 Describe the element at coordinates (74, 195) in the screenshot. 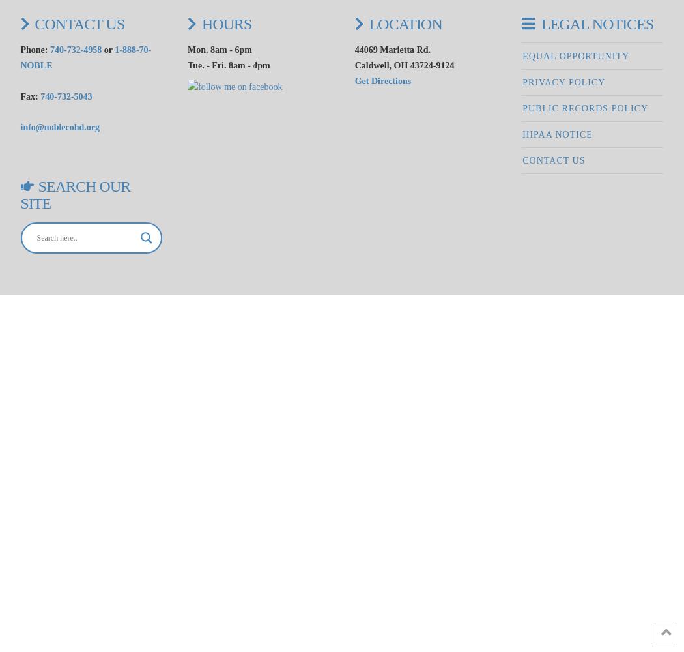

I see `'Search Our Site'` at that location.